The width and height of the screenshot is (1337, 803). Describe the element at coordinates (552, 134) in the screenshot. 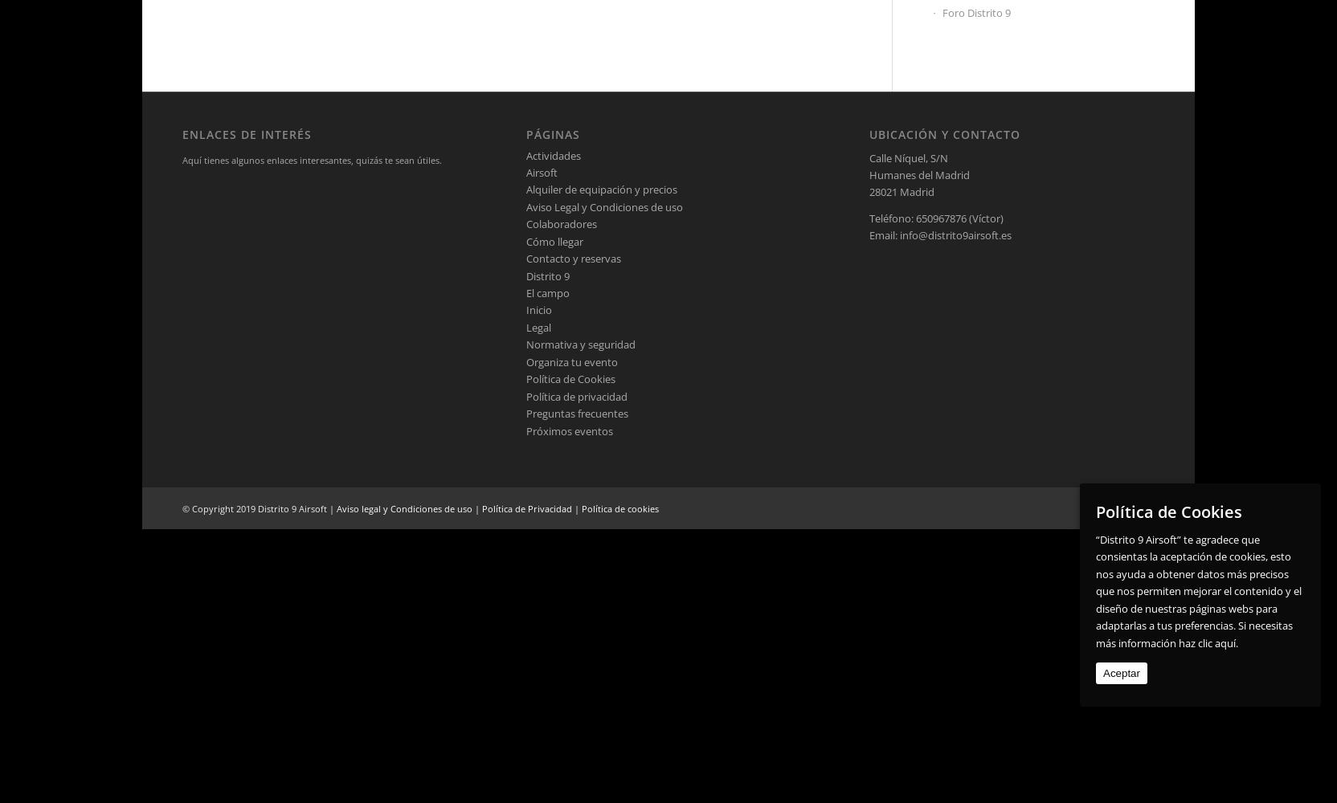

I see `'Páginas'` at that location.